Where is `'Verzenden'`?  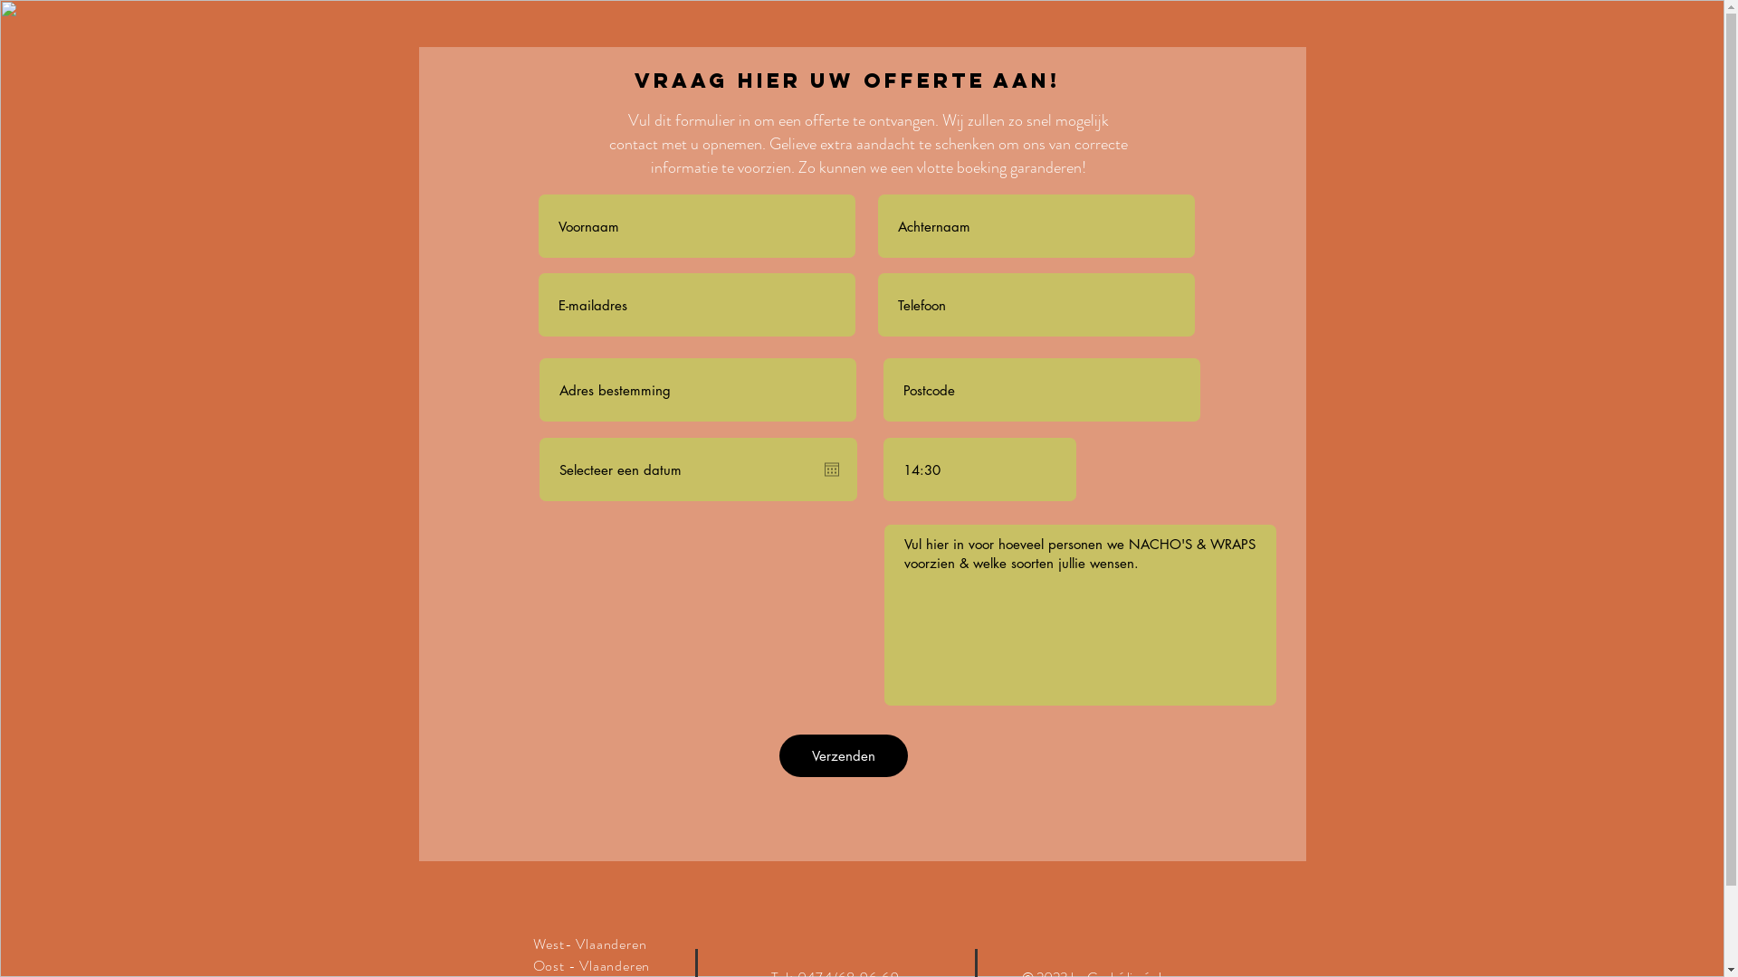
'Verzenden' is located at coordinates (842, 755).